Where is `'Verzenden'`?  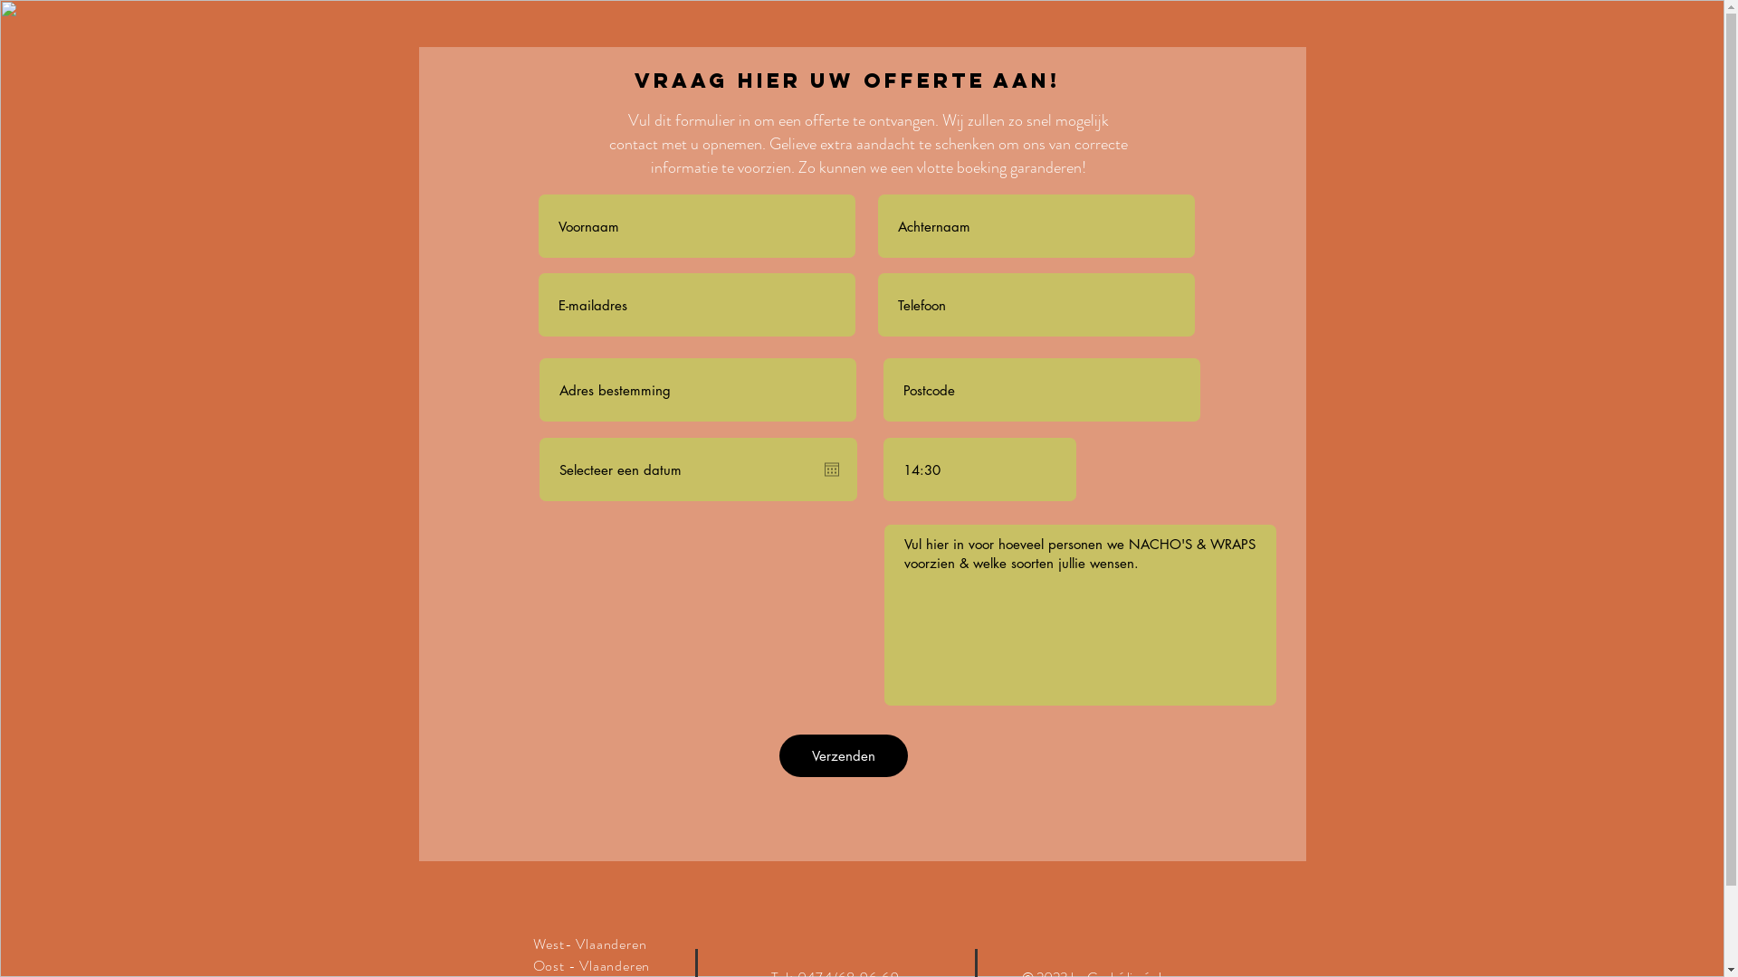
'Verzenden' is located at coordinates (842, 755).